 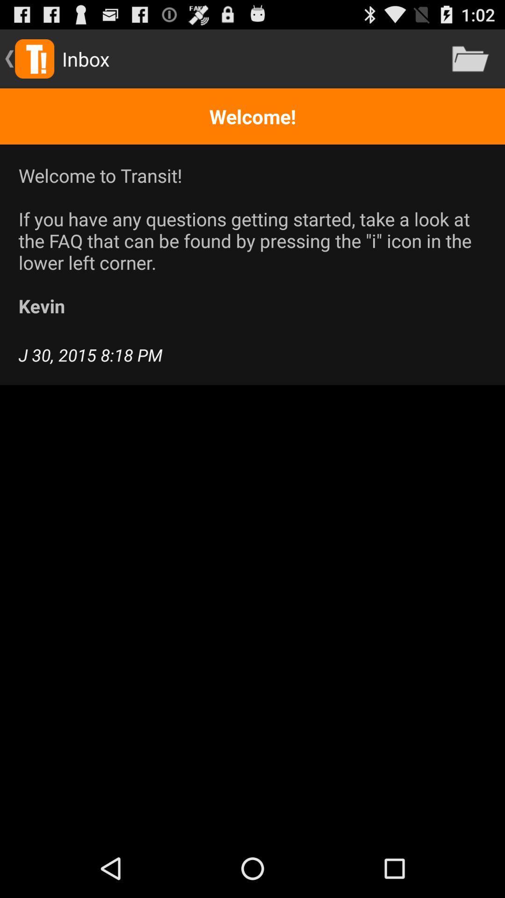 I want to click on the icon above welcome! item, so click(x=470, y=58).